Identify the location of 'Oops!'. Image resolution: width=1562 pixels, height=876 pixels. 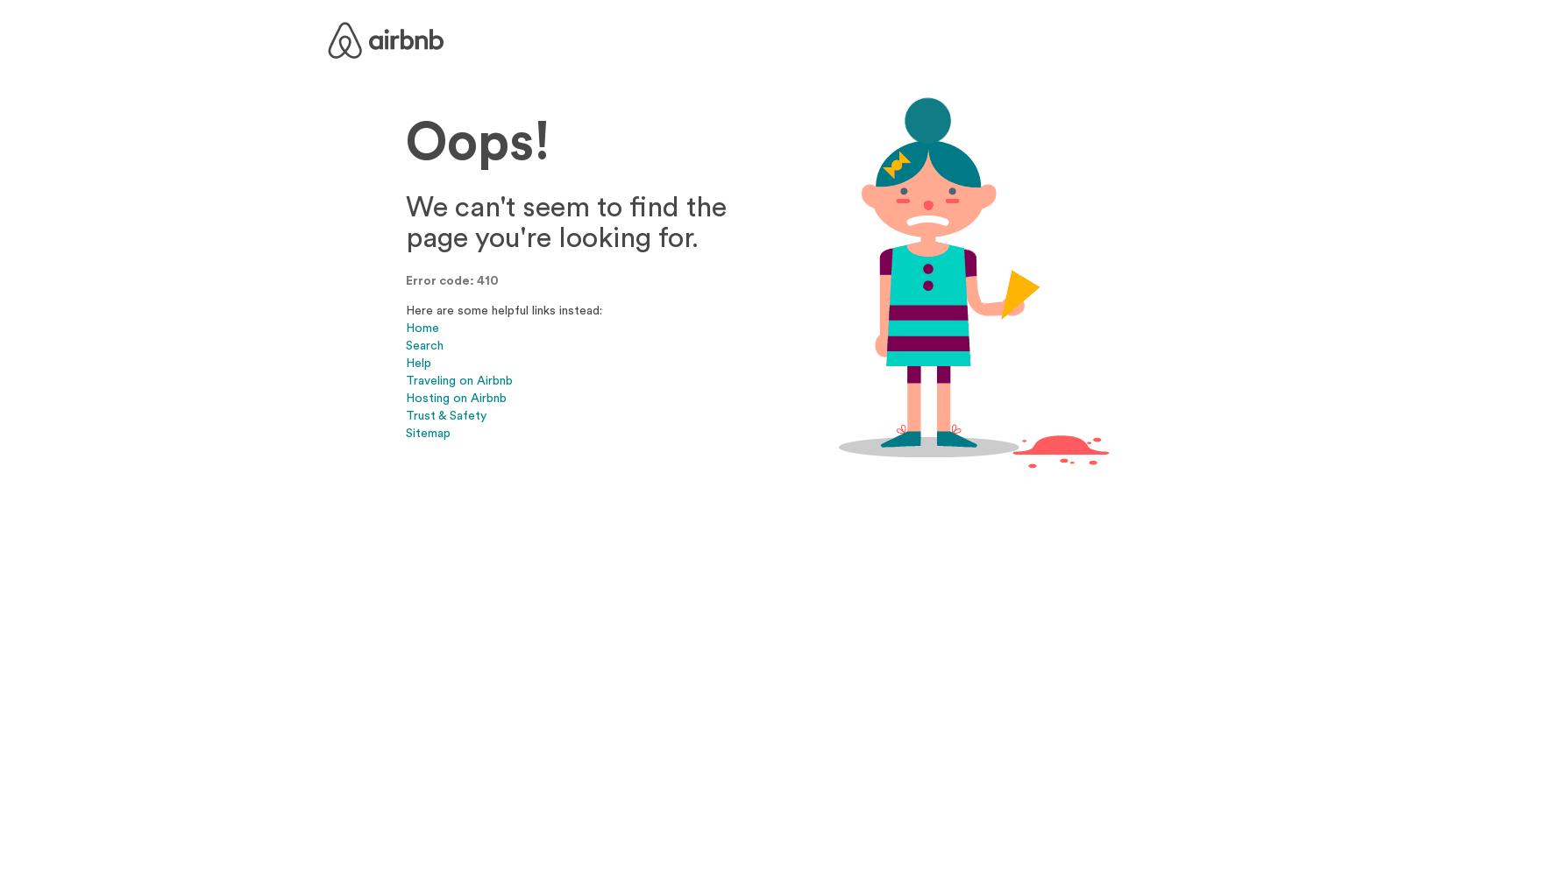
(404, 140).